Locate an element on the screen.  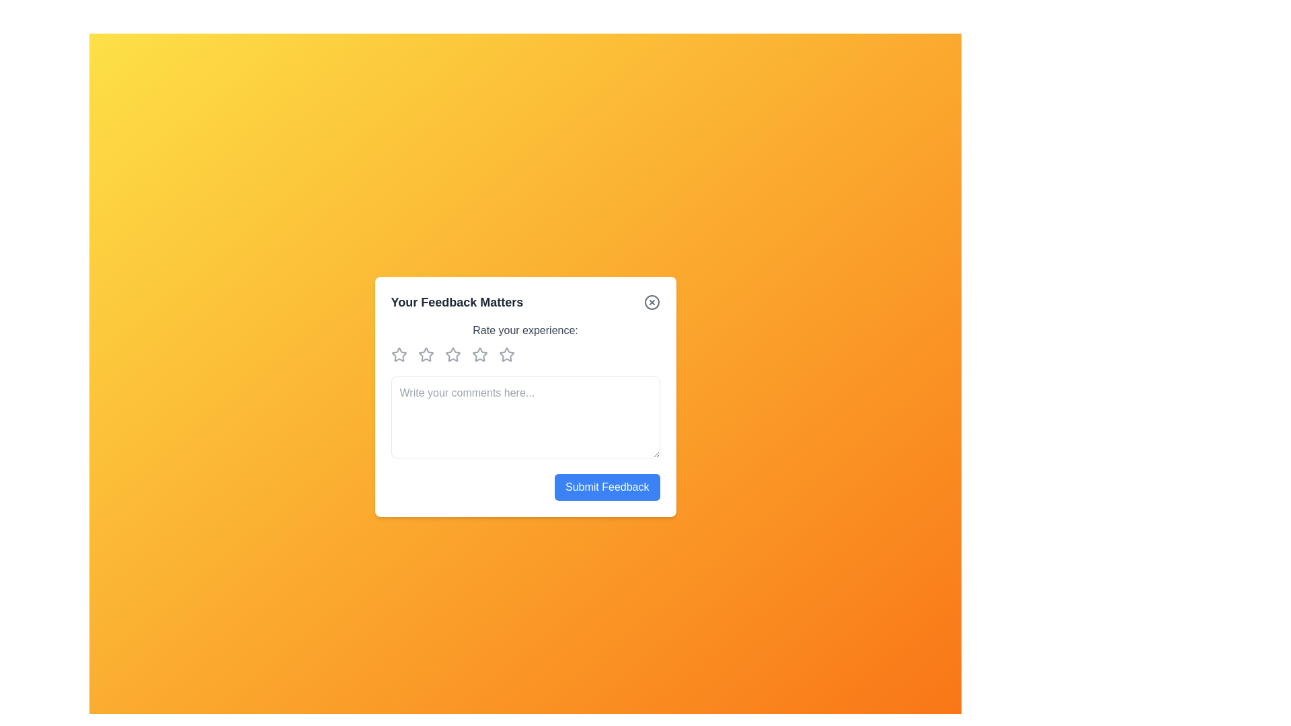
close button to close the dialog is located at coordinates (652, 301).